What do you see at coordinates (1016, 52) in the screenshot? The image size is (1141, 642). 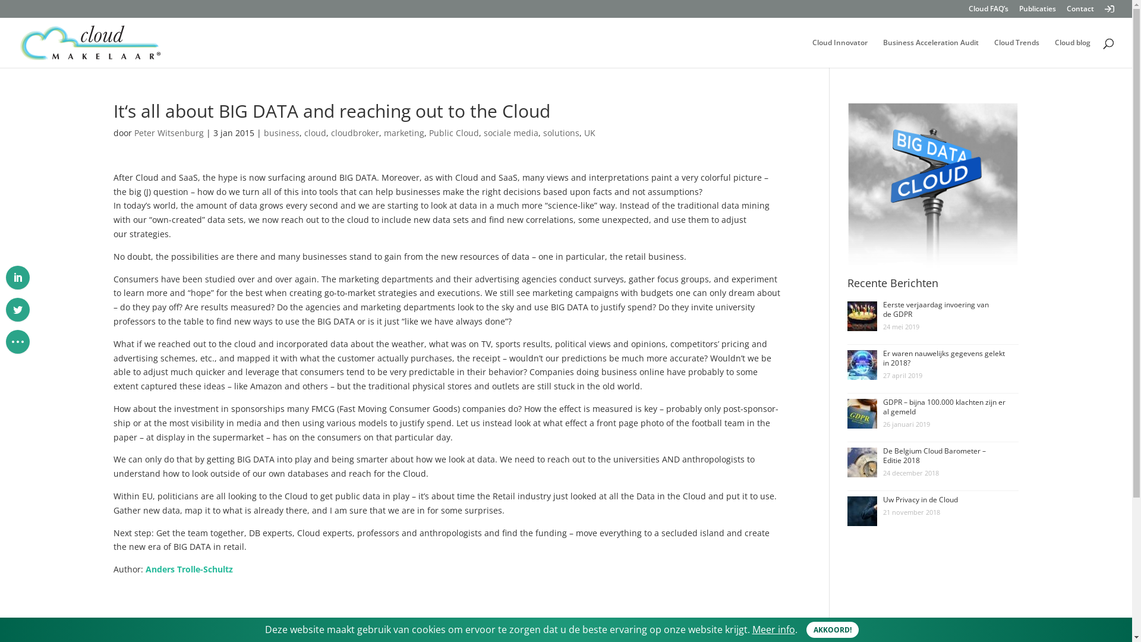 I see `'Cloud Trends'` at bounding box center [1016, 52].